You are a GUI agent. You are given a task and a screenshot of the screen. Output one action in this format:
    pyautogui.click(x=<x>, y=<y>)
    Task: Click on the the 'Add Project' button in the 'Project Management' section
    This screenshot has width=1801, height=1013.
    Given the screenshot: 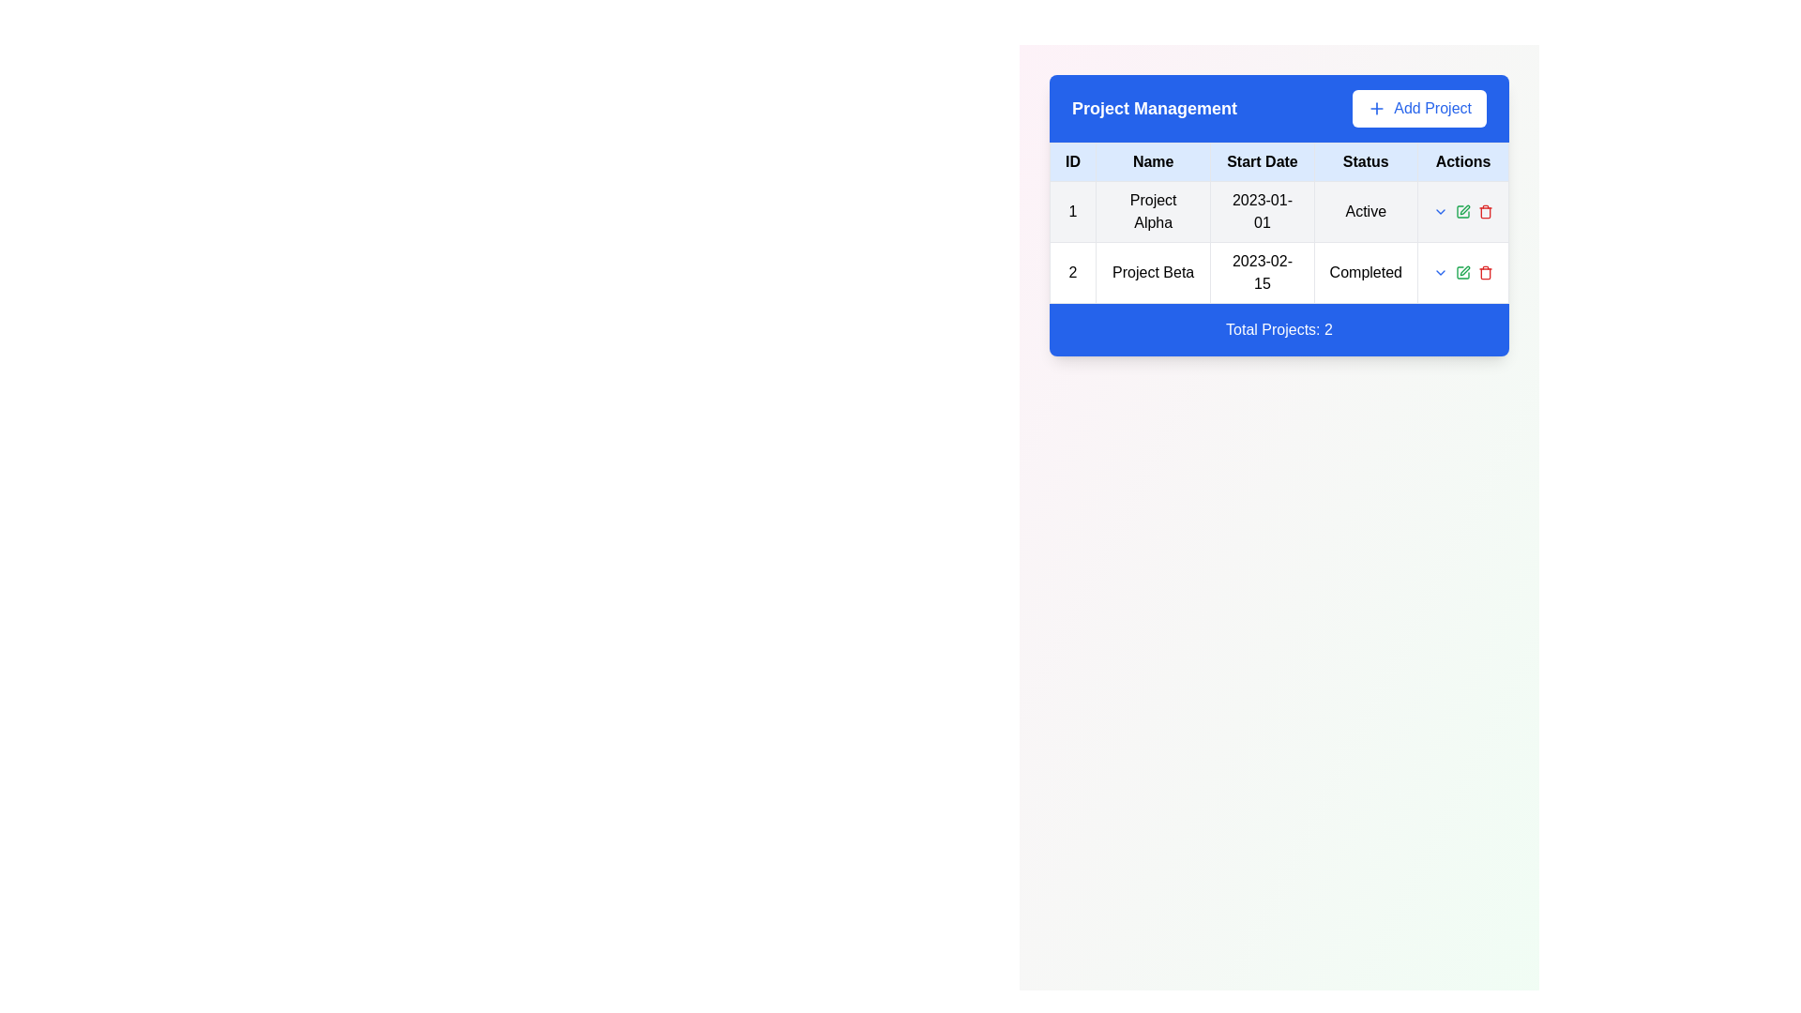 What is the action you would take?
    pyautogui.click(x=1278, y=108)
    